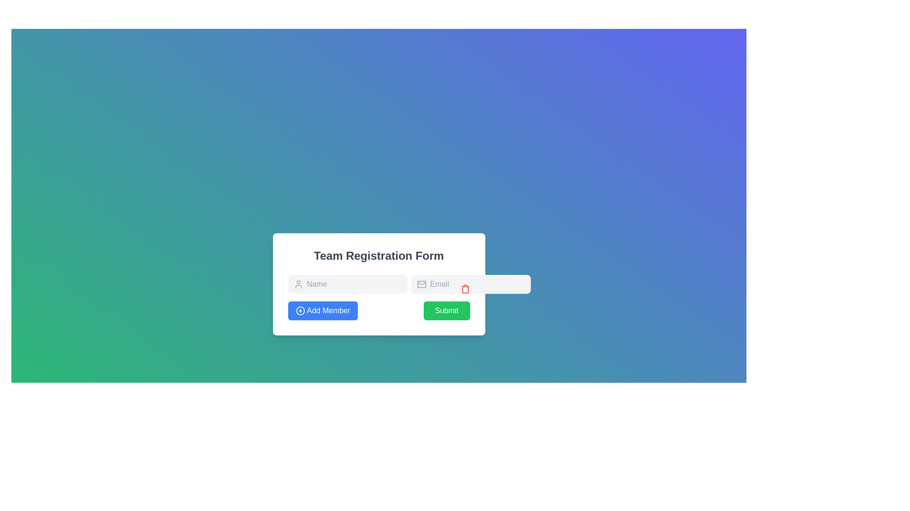 Image resolution: width=910 pixels, height=511 pixels. I want to click on the icon that visually indicates the associated input field is for entering a name or username, located to the left of the placeholder text 'Name', so click(298, 284).